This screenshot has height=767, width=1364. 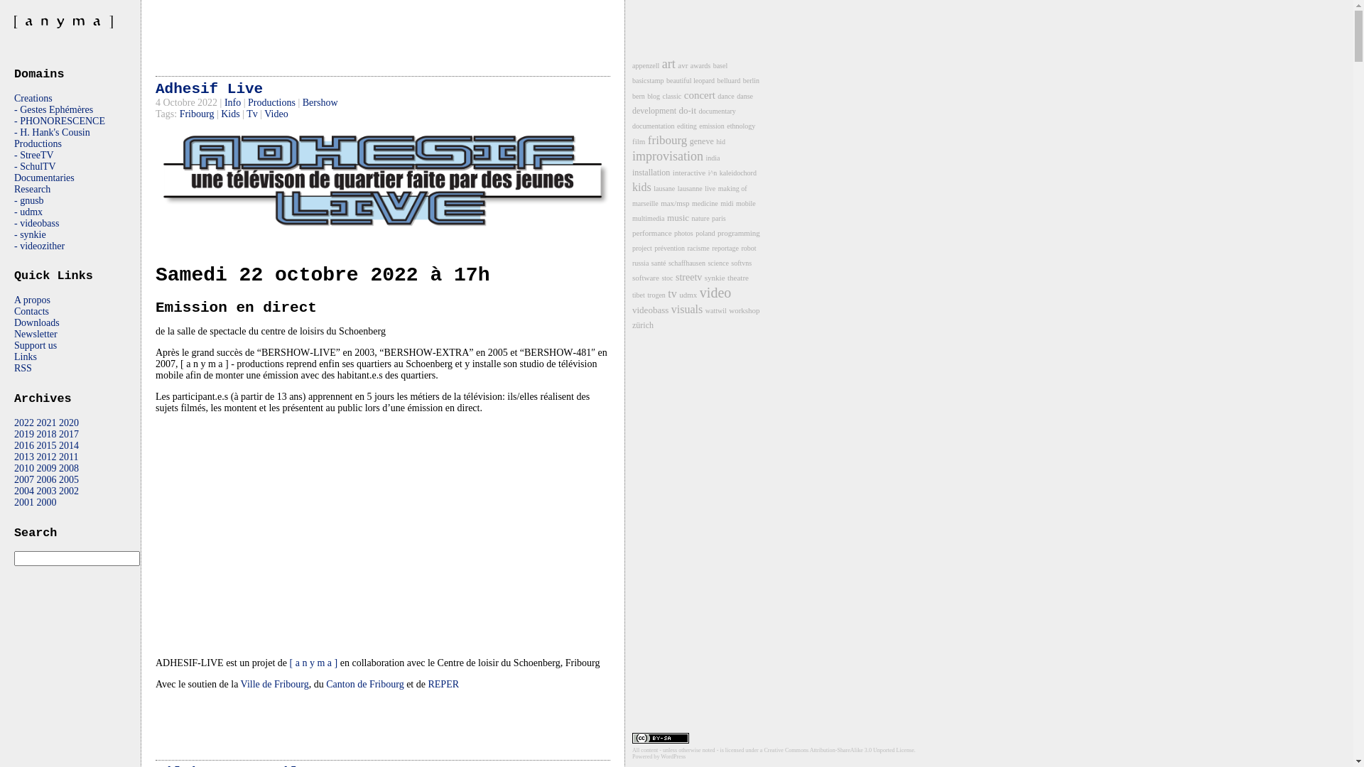 What do you see at coordinates (713, 172) in the screenshot?
I see `'i^n'` at bounding box center [713, 172].